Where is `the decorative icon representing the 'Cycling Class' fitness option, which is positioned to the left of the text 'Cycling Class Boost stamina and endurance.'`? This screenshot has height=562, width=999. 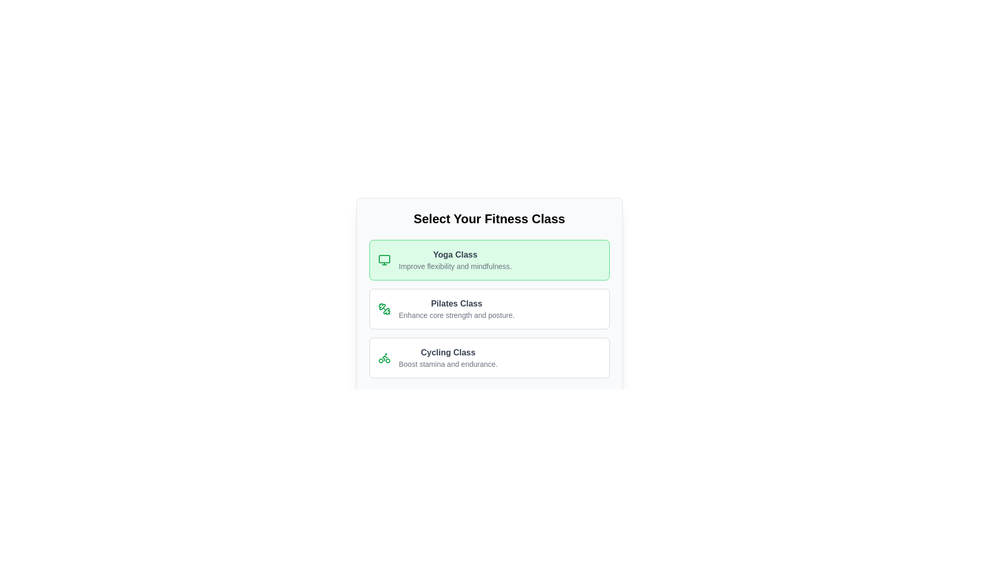 the decorative icon representing the 'Cycling Class' fitness option, which is positioned to the left of the text 'Cycling Class Boost stamina and endurance.' is located at coordinates (383, 357).